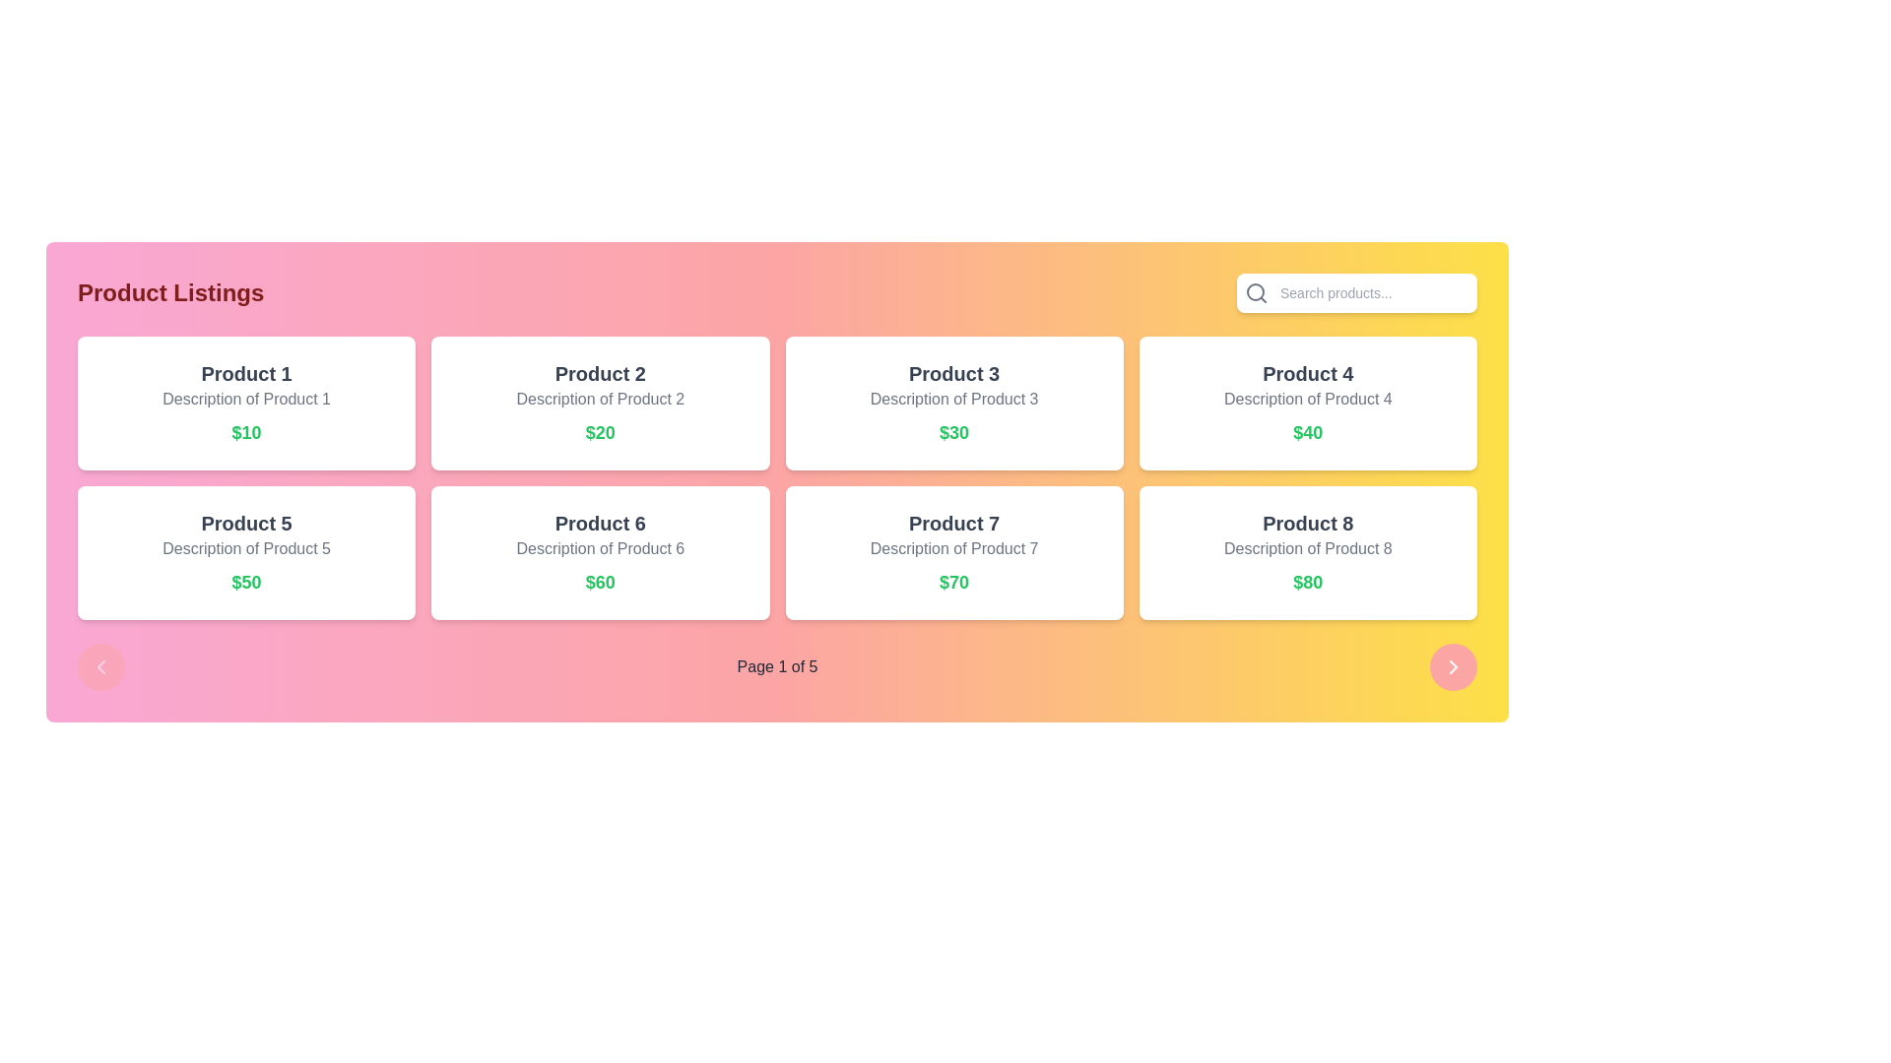 This screenshot has height=1063, width=1891. What do you see at coordinates (170, 292) in the screenshot?
I see `heading text element located at the top-left corner of the horizontal bar, which serves as a title for the section below` at bounding box center [170, 292].